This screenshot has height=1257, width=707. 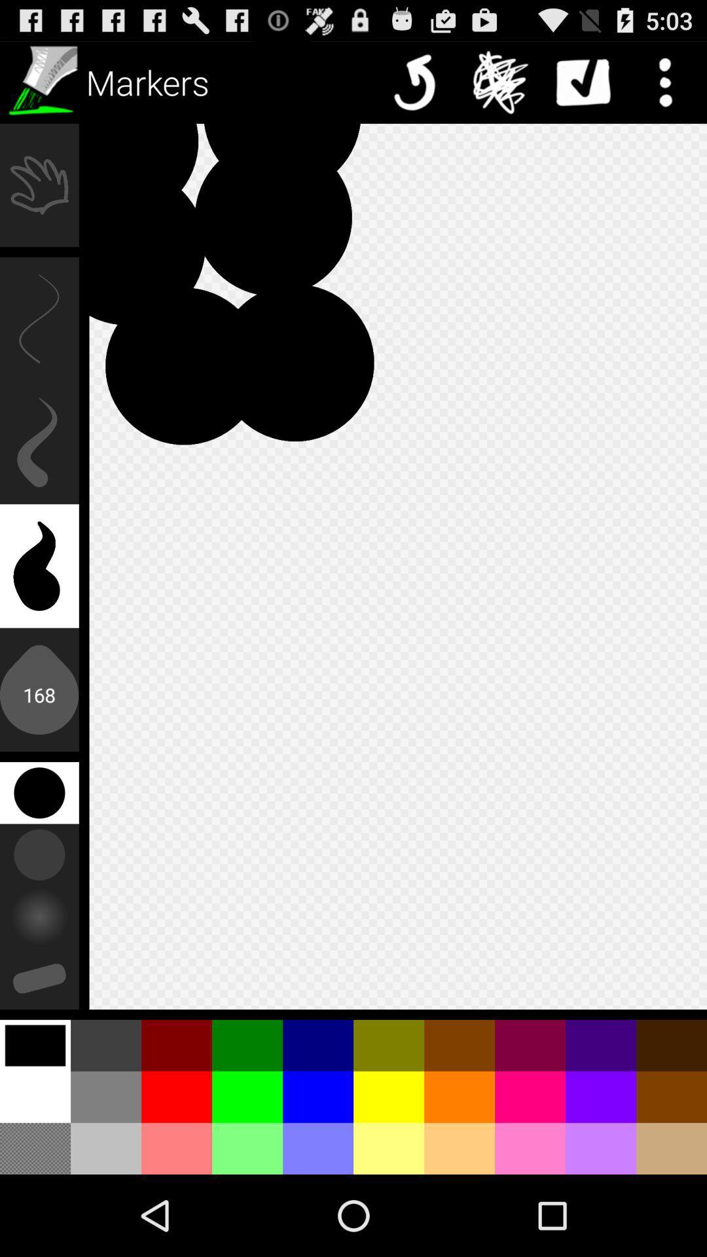 I want to click on the undo icon, so click(x=418, y=81).